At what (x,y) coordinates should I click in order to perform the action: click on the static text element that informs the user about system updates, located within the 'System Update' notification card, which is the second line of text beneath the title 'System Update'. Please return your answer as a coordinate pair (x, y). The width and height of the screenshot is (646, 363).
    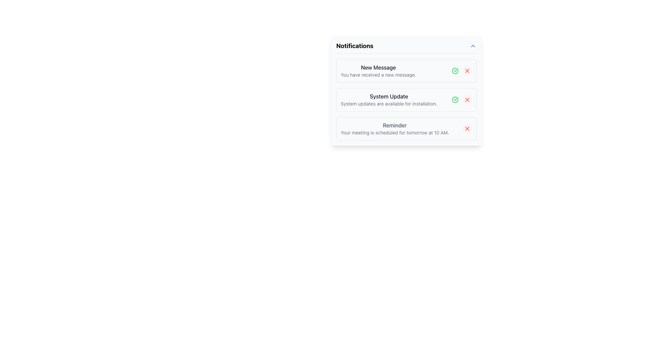
    Looking at the image, I should click on (389, 104).